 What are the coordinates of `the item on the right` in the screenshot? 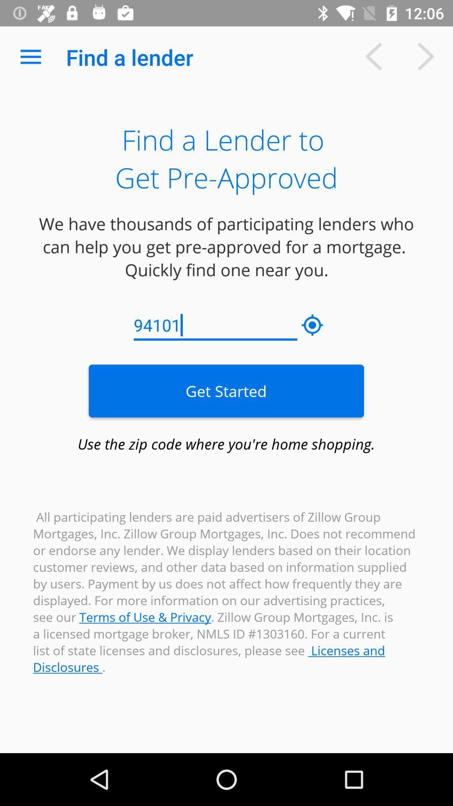 It's located at (312, 325).